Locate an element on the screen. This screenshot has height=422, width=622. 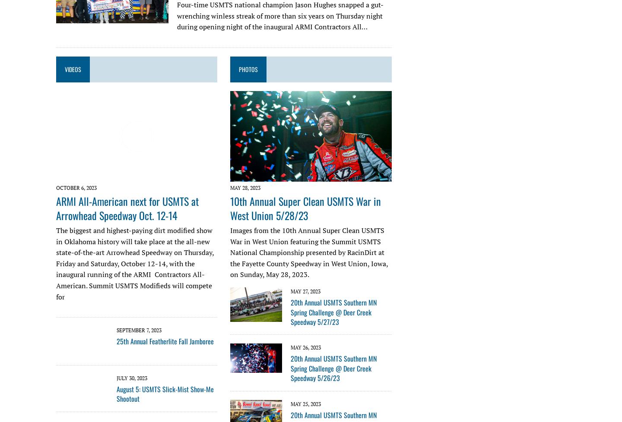
'ARMI All-American next for USMTS at Arrowhead Speedway Oct. 12-14' is located at coordinates (127, 207).